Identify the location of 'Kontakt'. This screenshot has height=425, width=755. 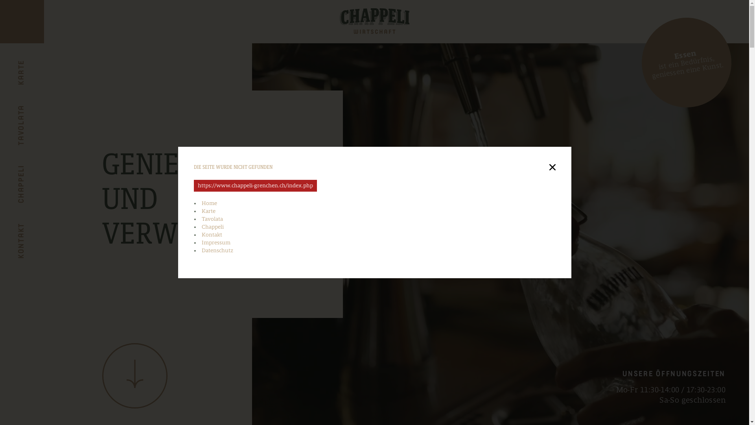
(211, 234).